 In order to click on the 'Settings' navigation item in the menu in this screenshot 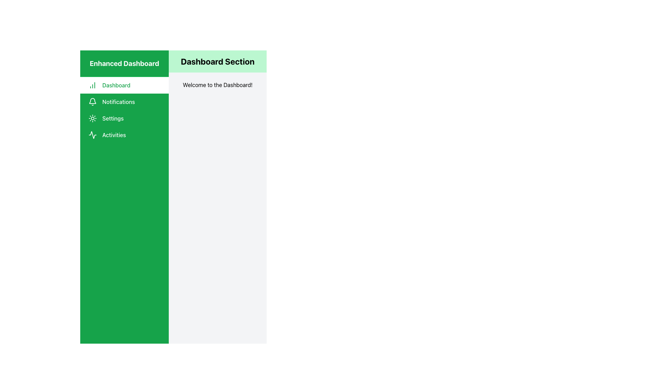, I will do `click(124, 118)`.